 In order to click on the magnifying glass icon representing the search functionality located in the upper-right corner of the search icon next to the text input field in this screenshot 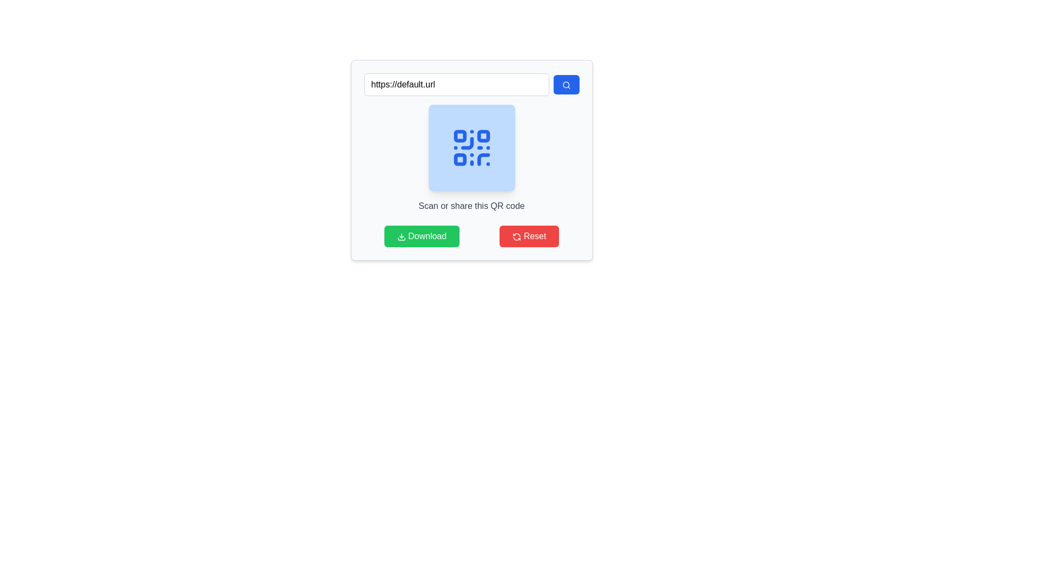, I will do `click(565, 84)`.